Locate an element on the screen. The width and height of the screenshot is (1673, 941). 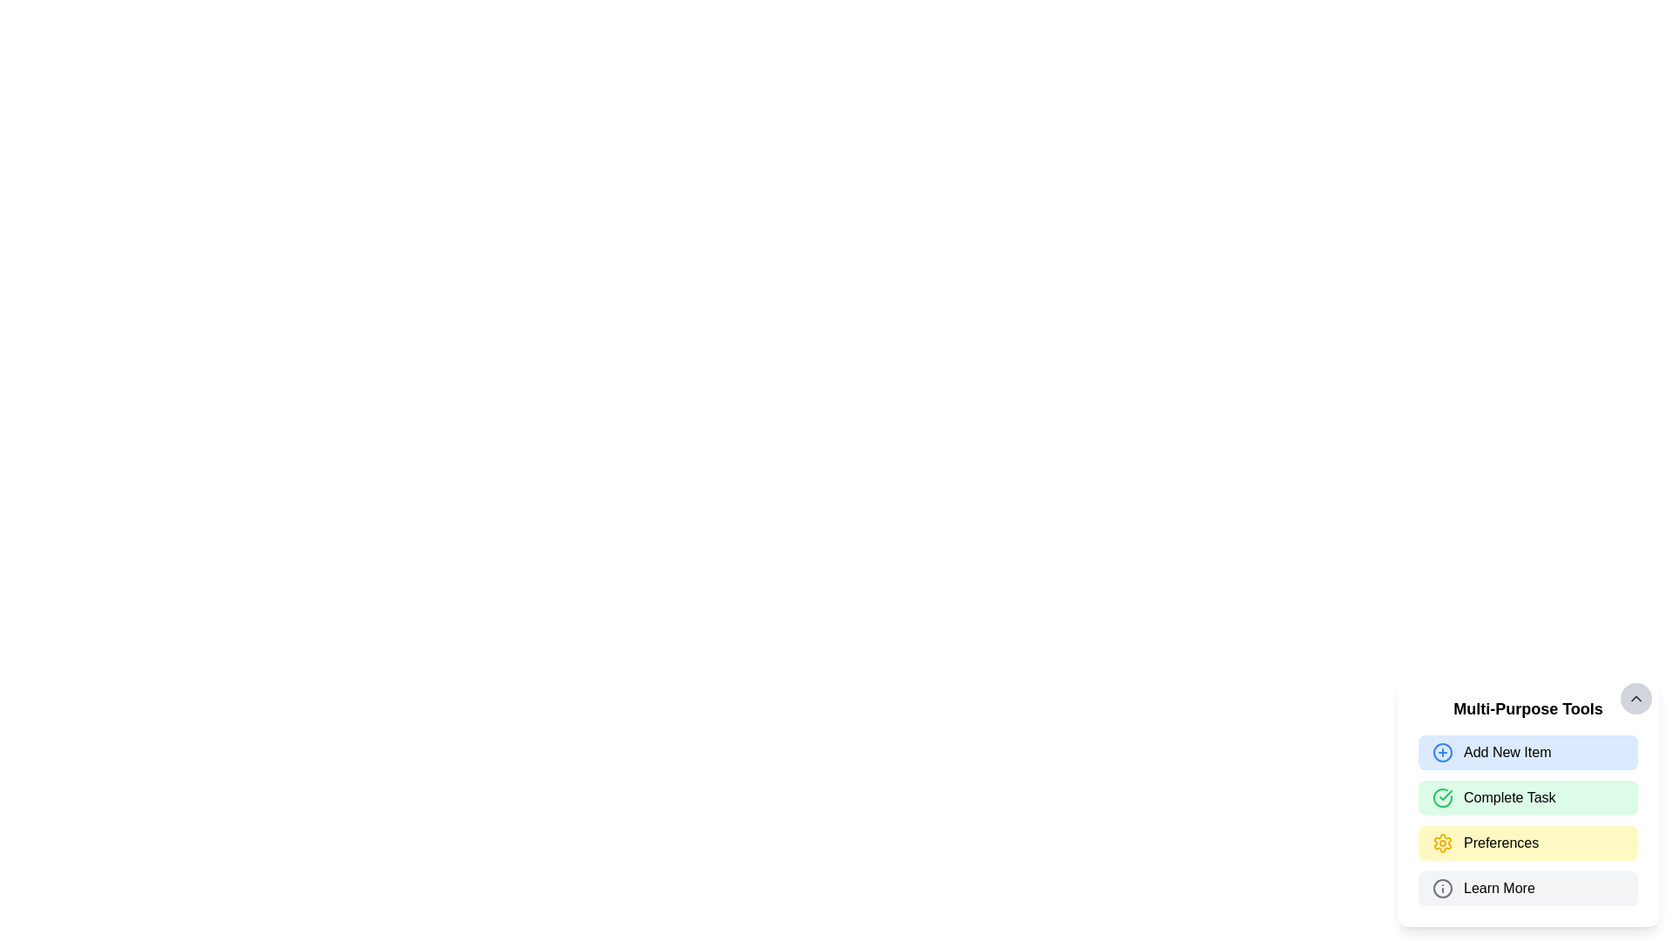
the first actionable label or button under the 'Multi-Purpose Tools' header is located at coordinates (1506, 752).